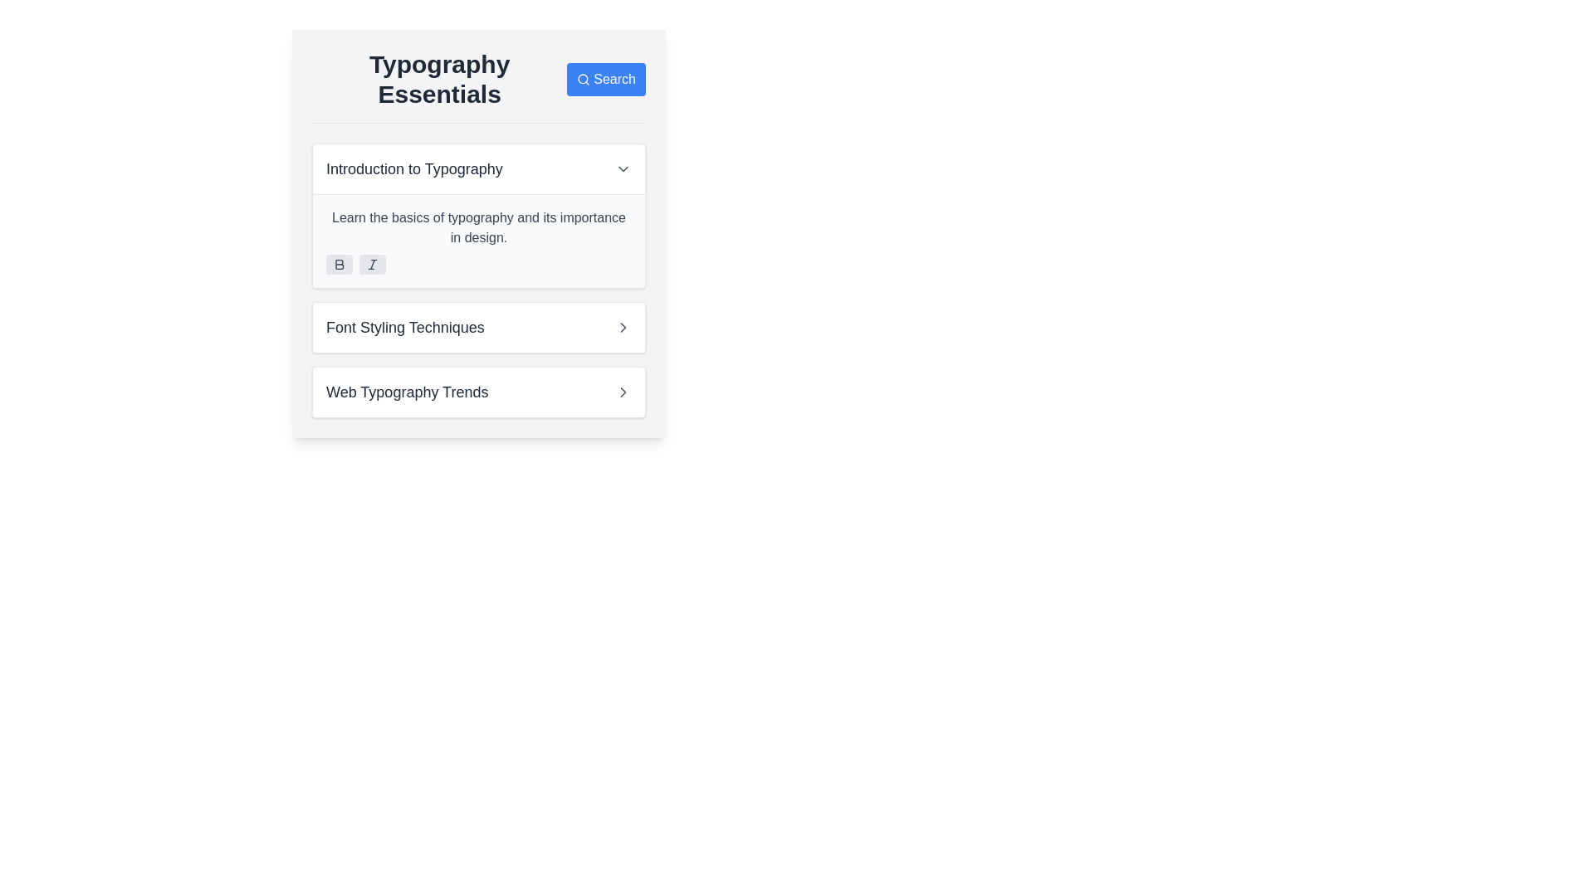 The width and height of the screenshot is (1594, 896). What do you see at coordinates (477, 86) in the screenshot?
I see `title text of the header located at the top of the section, which provides a title for the content below and includes a 'Search' button` at bounding box center [477, 86].